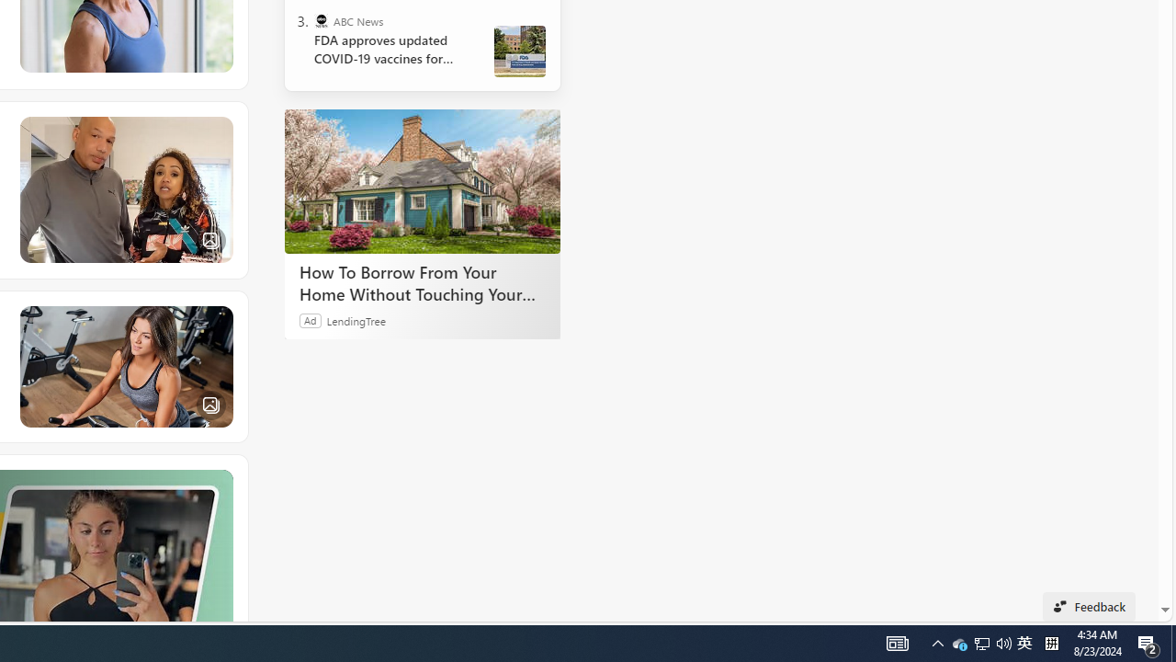  What do you see at coordinates (322, 21) in the screenshot?
I see `'ABC News'` at bounding box center [322, 21].